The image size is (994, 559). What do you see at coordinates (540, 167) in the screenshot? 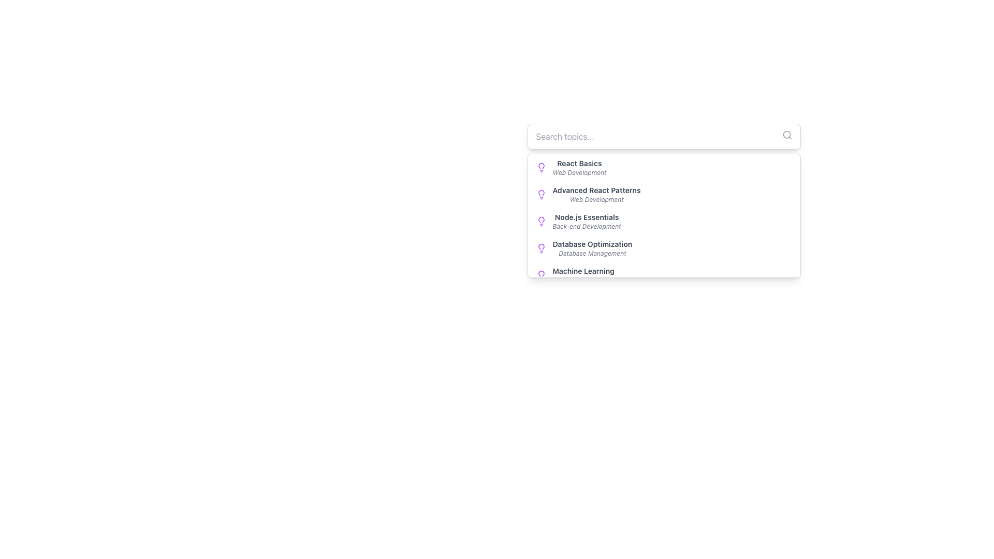
I see `the decorative icon for the 'React Basics' item, which is positioned at the leftmost side of its row` at bounding box center [540, 167].